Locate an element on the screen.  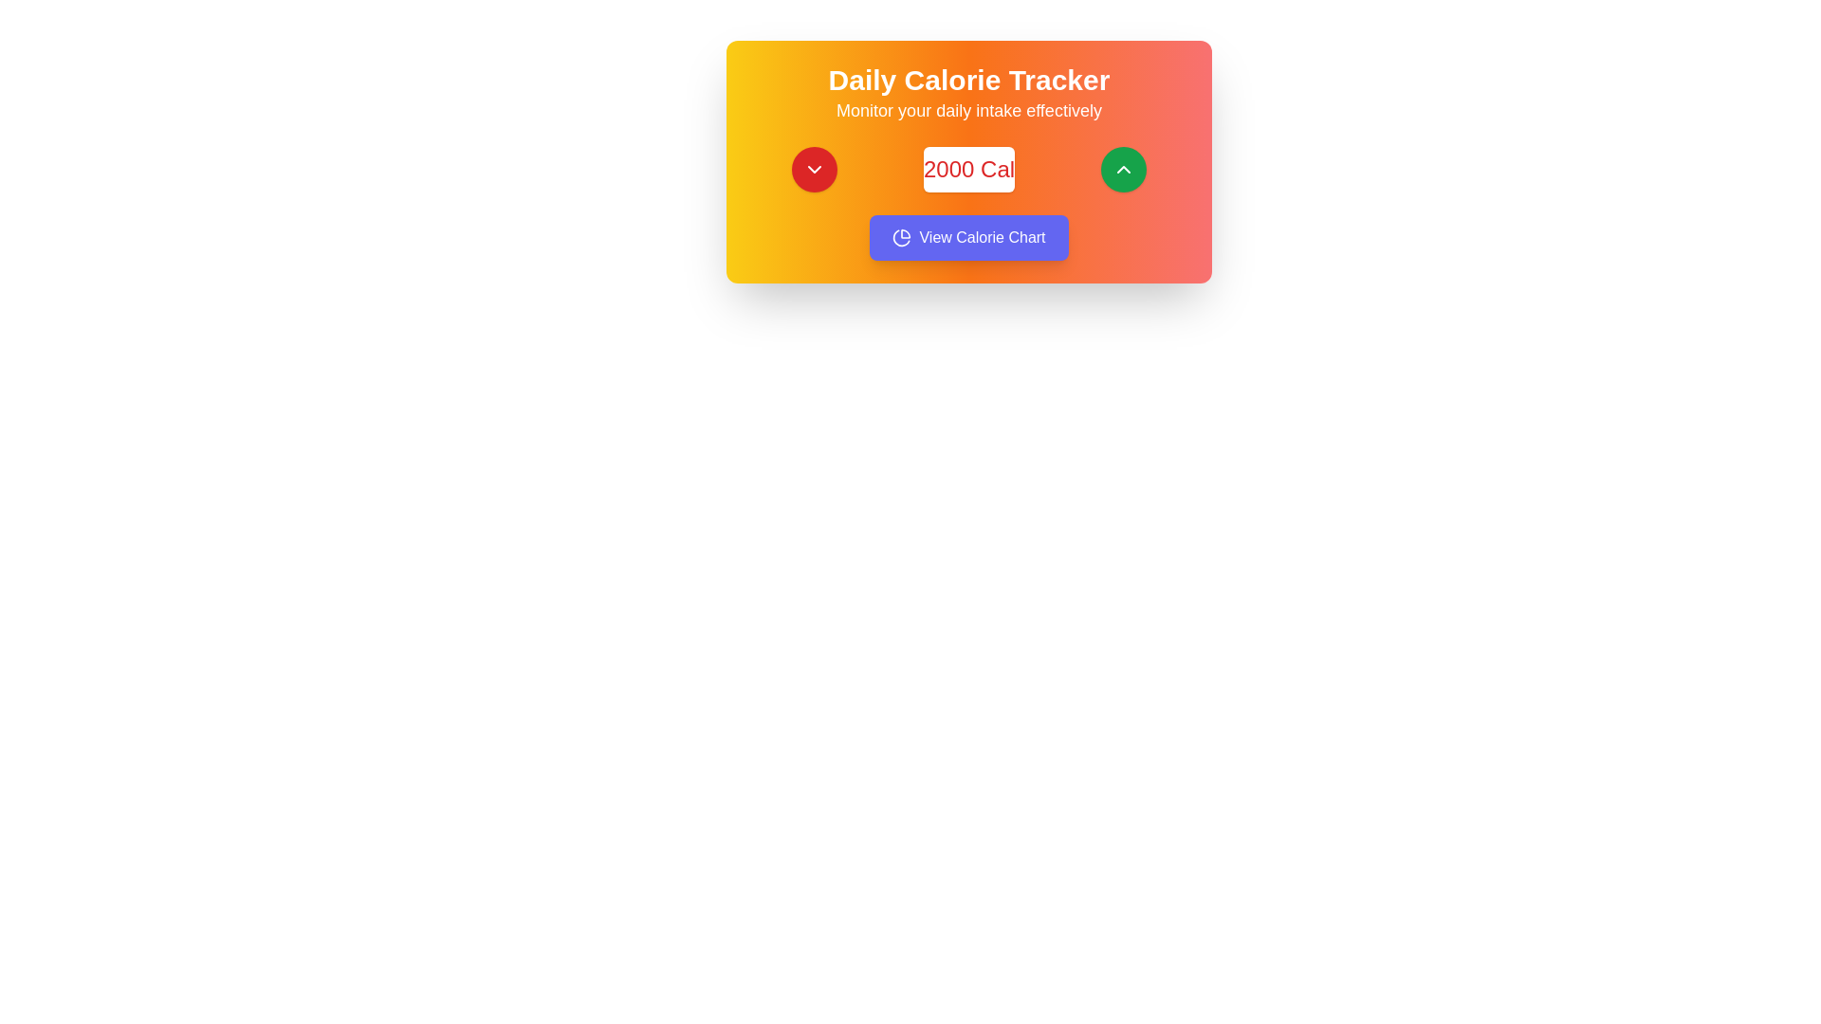
the heading and subheading text block that displays 'Daily Calorie Tracker' and 'Monitor your daily intake effectively', which is positioned at the top center of a brightly colored gradient card is located at coordinates (969, 94).